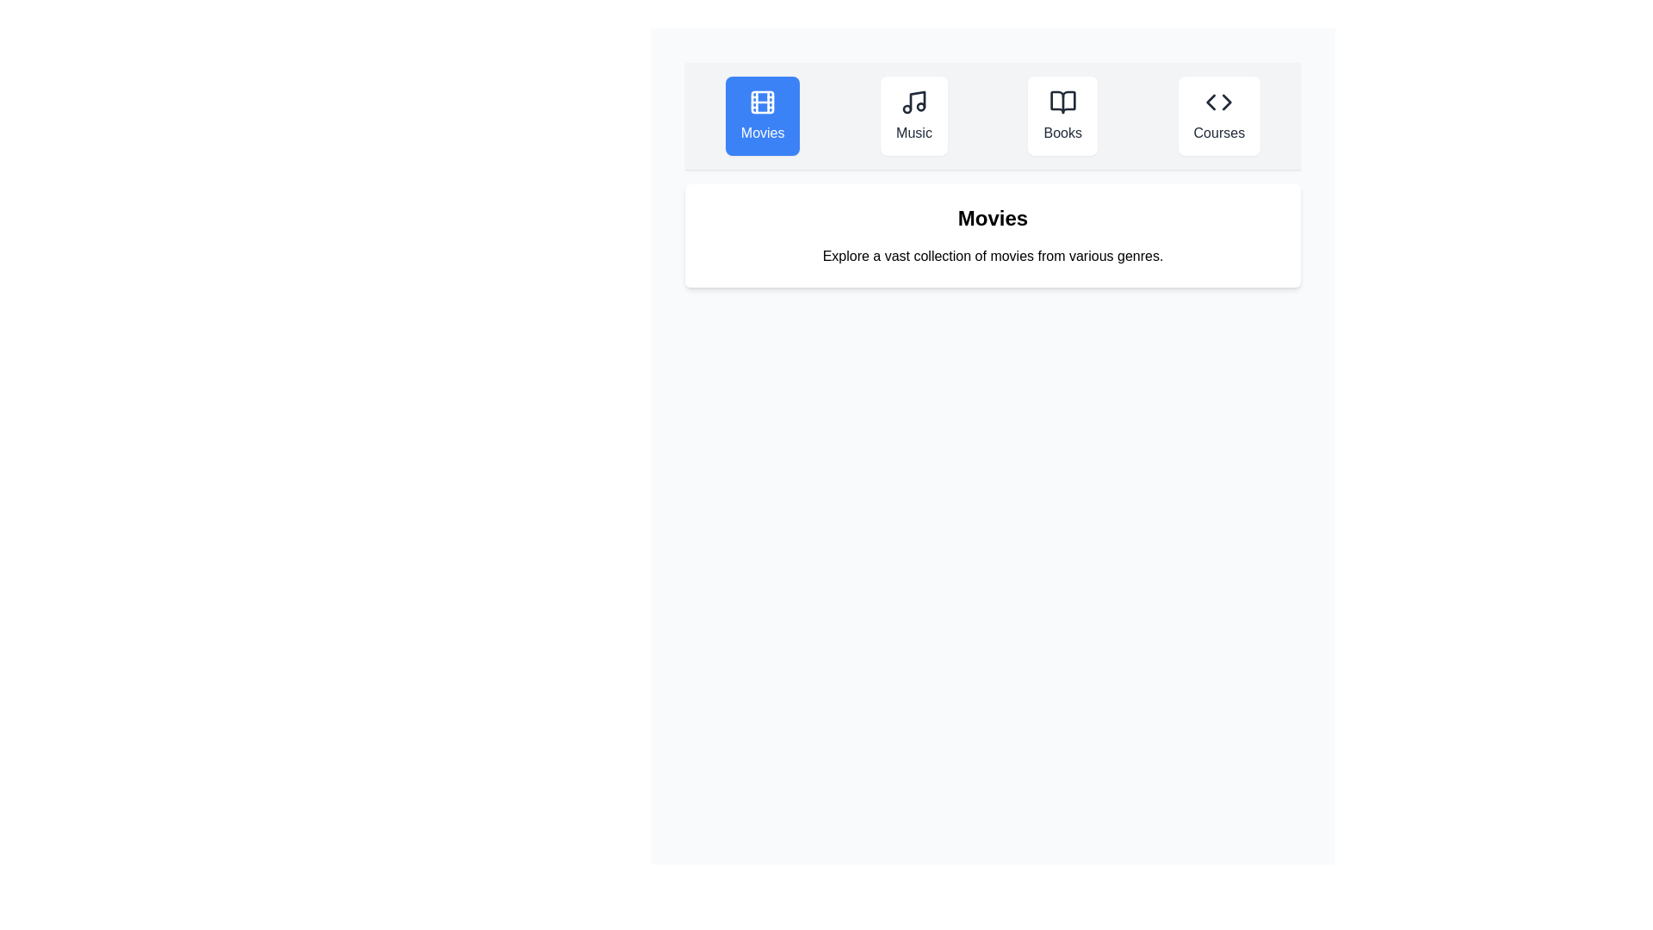  I want to click on the Movies tab to activate it, so click(762, 116).